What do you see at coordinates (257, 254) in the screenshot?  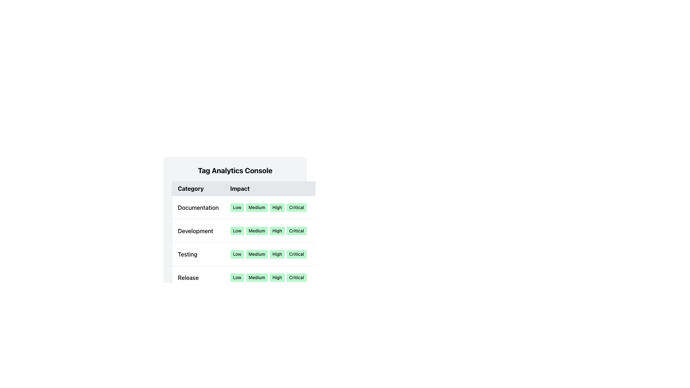 I see `the green rectangular badge labeled 'Medium' with rounded edges located under the 'Testing' category in the 'Impact' column` at bounding box center [257, 254].